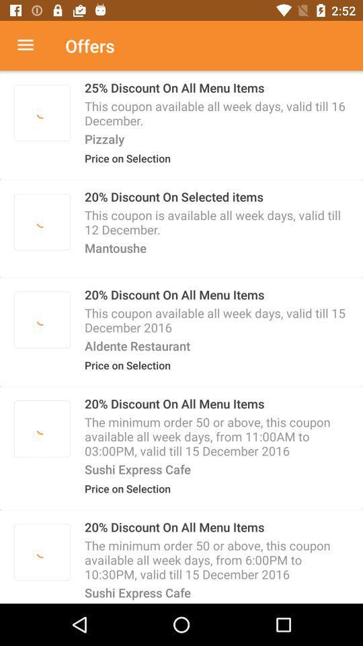  Describe the element at coordinates (32, 46) in the screenshot. I see `the item to the left of the offers item` at that location.